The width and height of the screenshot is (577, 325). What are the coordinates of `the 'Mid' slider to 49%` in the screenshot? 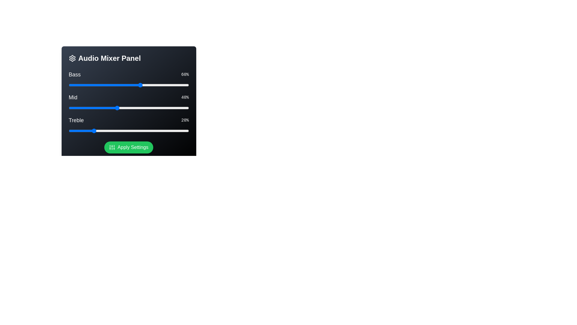 It's located at (127, 107).